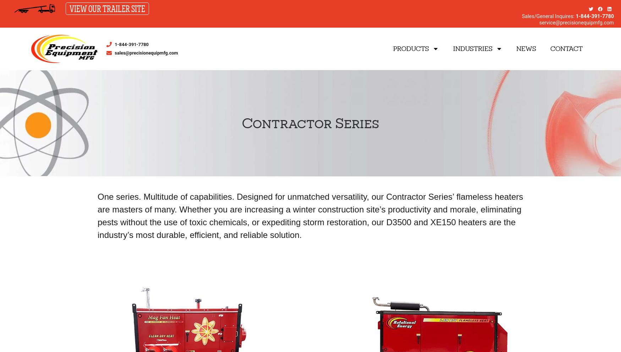  Describe the element at coordinates (576, 22) in the screenshot. I see `'service@precisionequipmfg.com'` at that location.